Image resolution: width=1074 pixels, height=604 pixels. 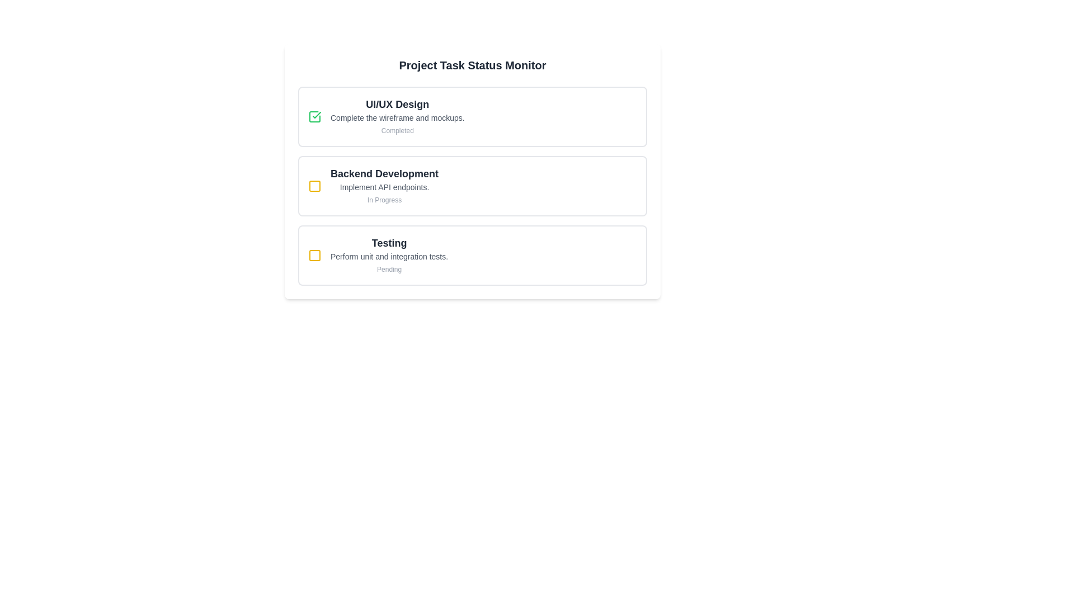 I want to click on information displayed in the text label that says 'Complete the wireframe and mockups.' located below the header 'UI/UX Design.', so click(x=397, y=118).